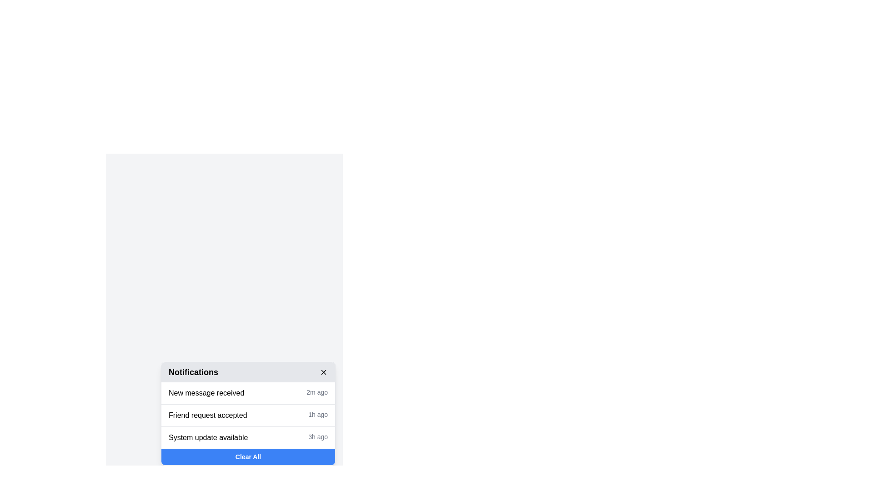 The image size is (873, 491). Describe the element at coordinates (248, 416) in the screenshot. I see `the notification list item that shows 'Friend request accepted' and is positioned as the second item in the list` at that location.